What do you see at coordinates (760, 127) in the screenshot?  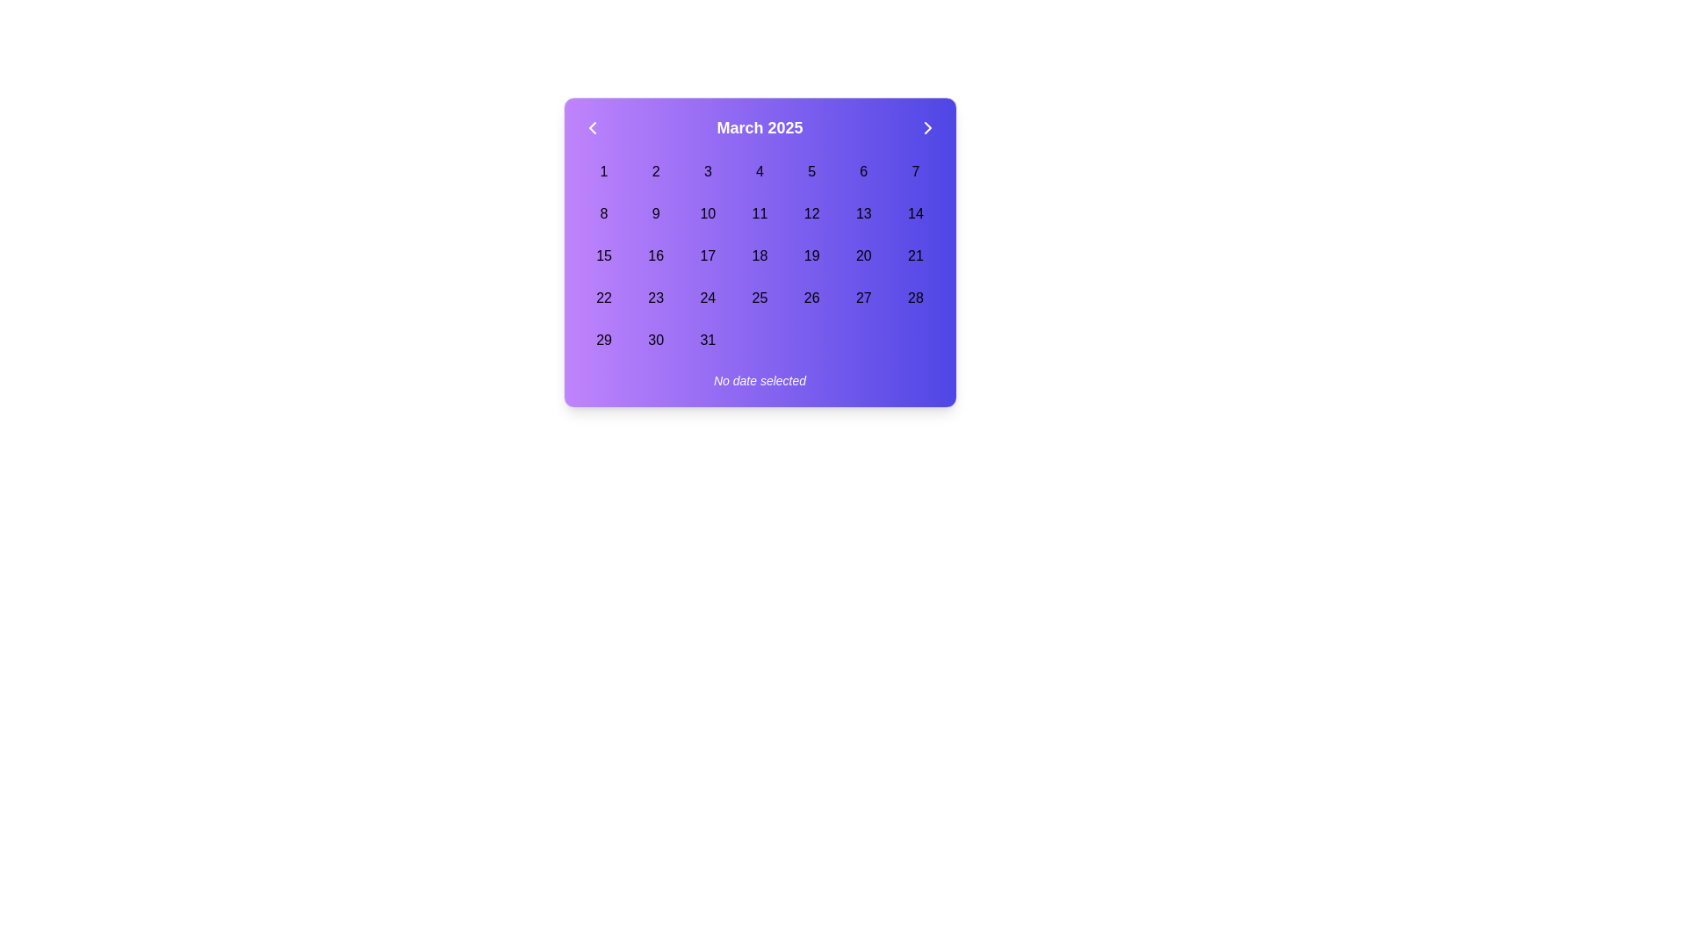 I see `text content of the text label displaying 'March 2025', which is styled with a bold font and centered between two arrow icons on a gradient background` at bounding box center [760, 127].